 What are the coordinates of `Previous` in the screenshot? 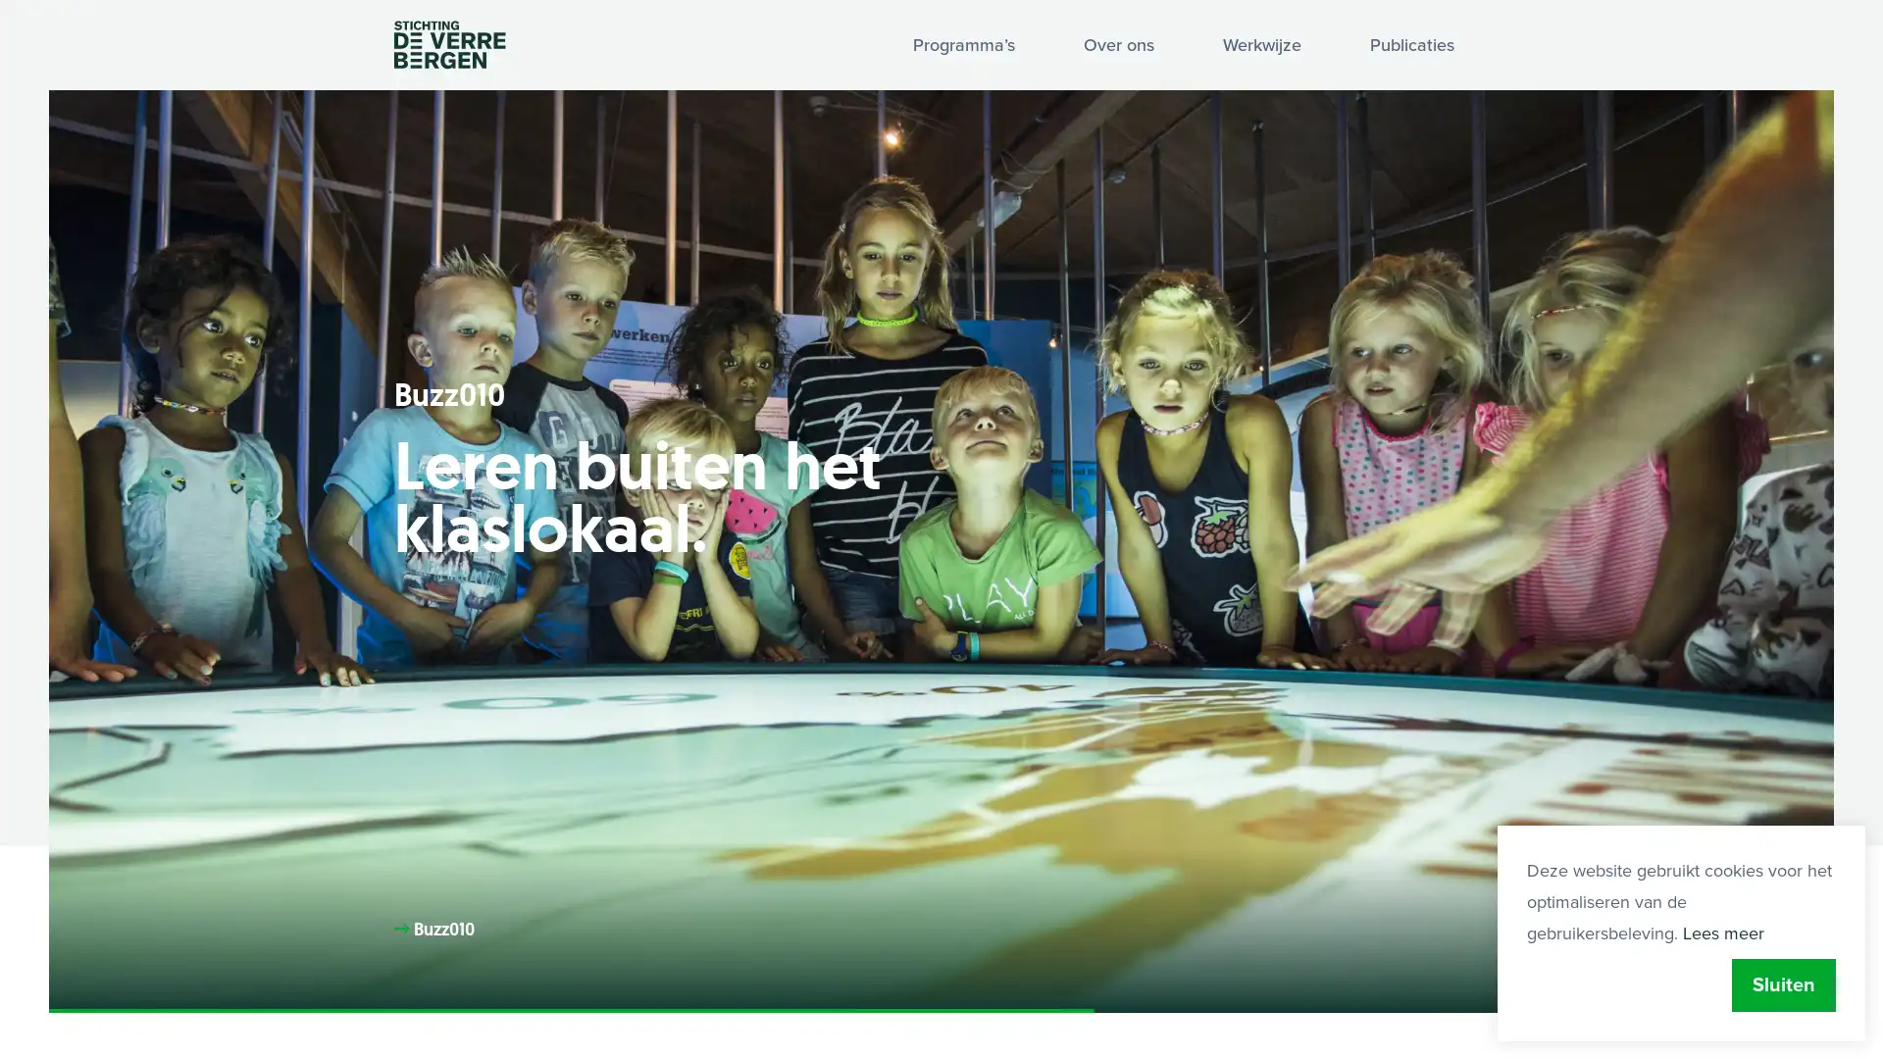 It's located at (1655, 962).